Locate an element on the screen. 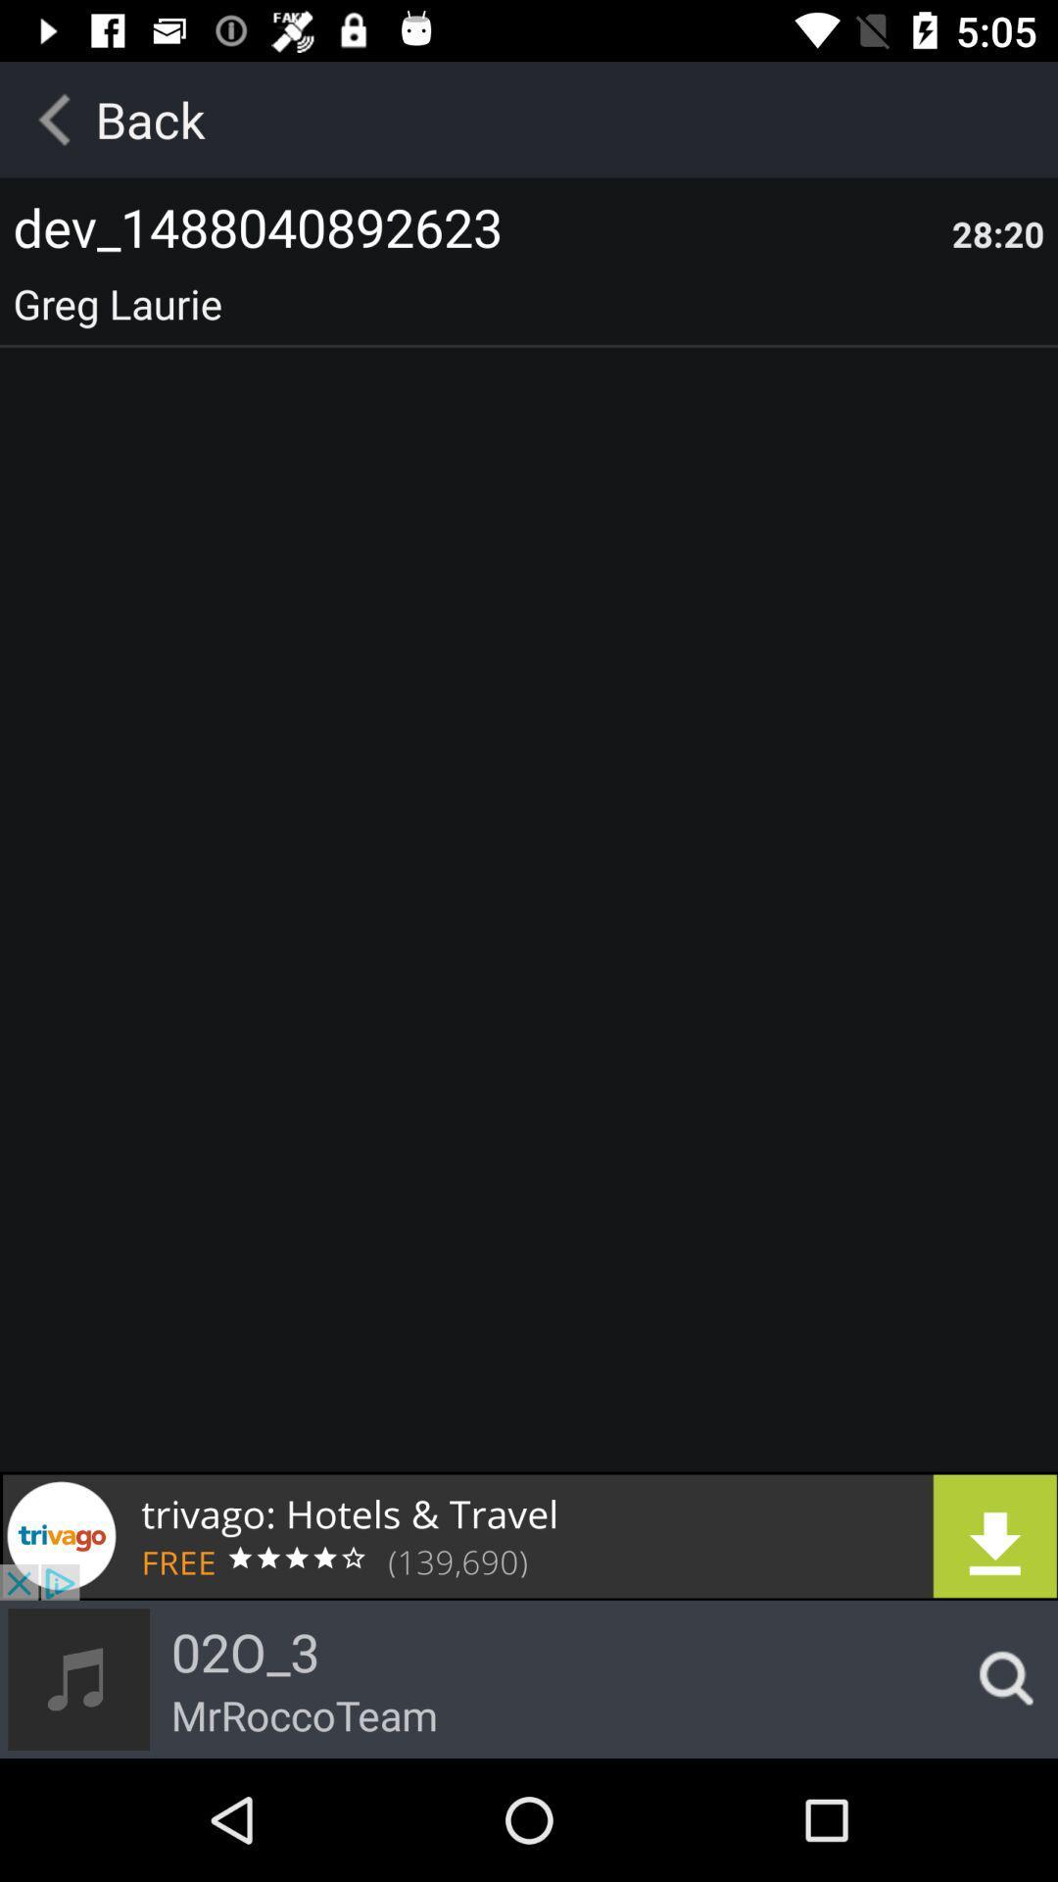 This screenshot has width=1058, height=1882. downarrow is located at coordinates (529, 1535).